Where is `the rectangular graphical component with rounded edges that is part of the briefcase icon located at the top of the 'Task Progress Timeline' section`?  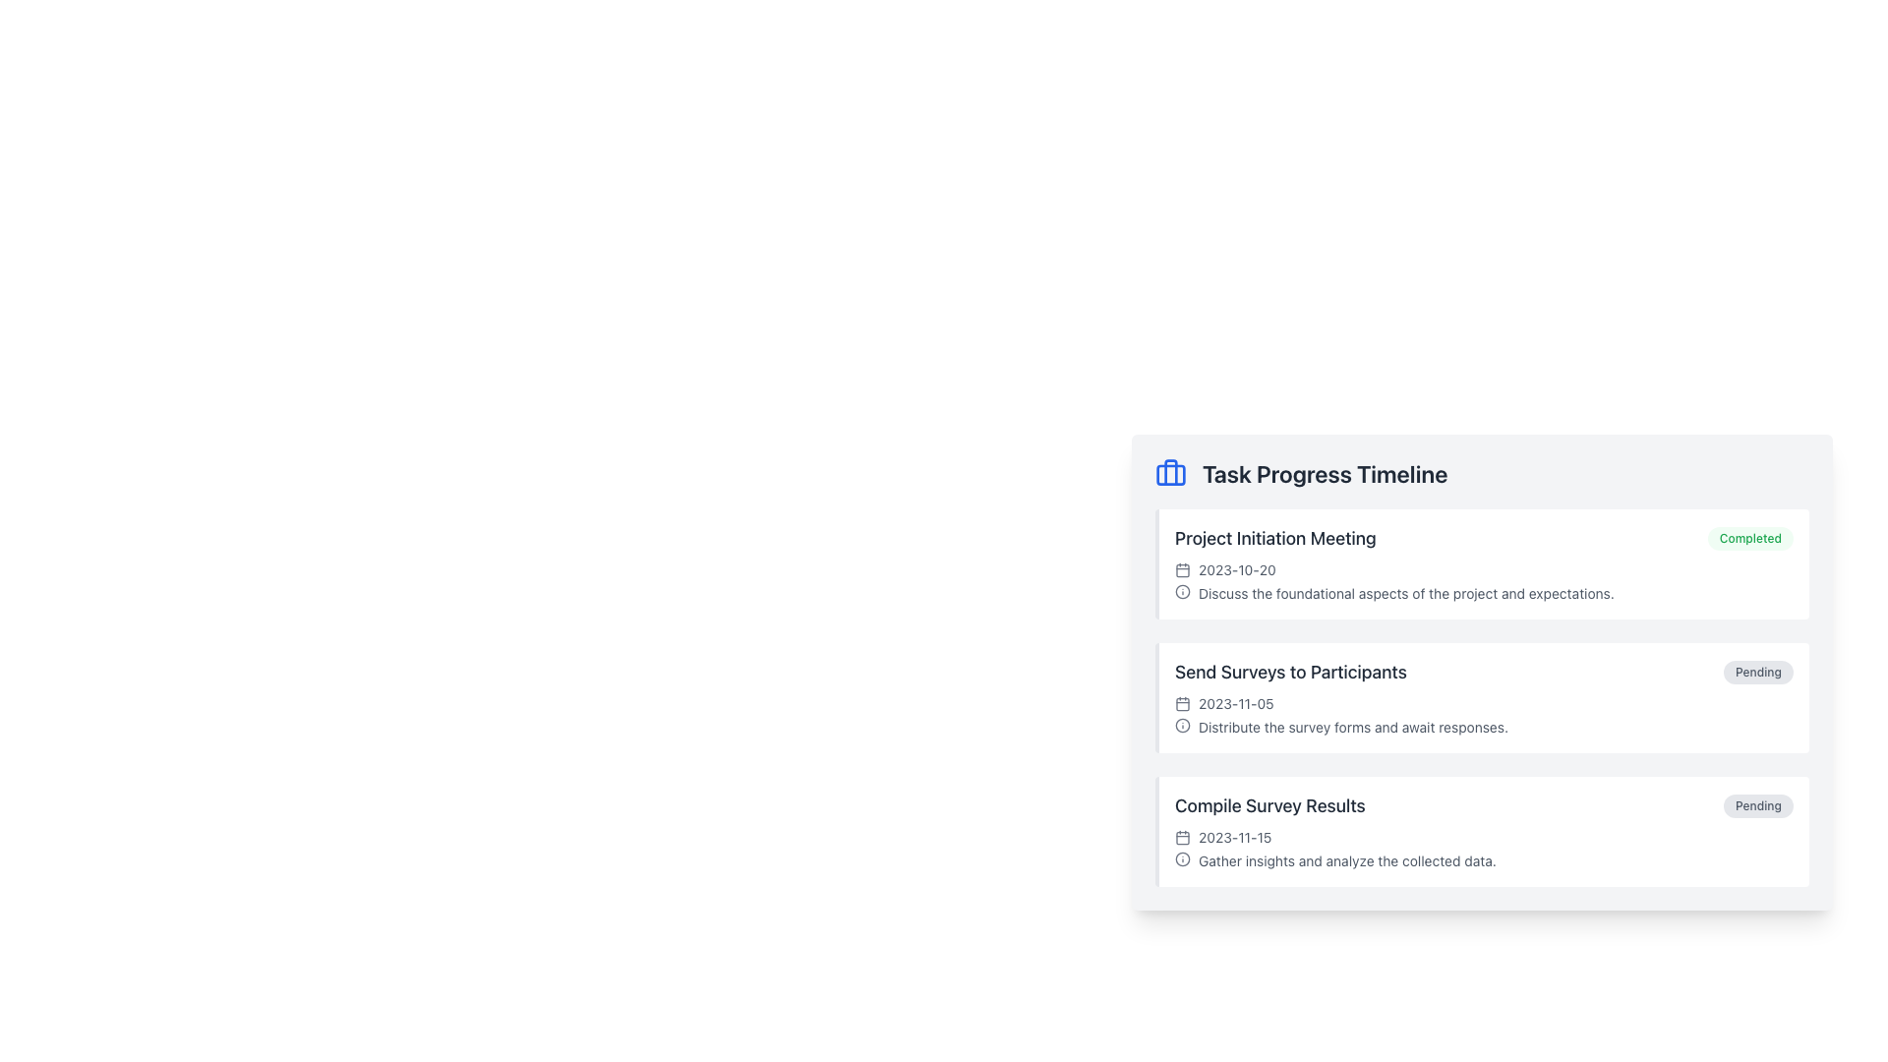
the rectangular graphical component with rounded edges that is part of the briefcase icon located at the top of the 'Task Progress Timeline' section is located at coordinates (1170, 474).